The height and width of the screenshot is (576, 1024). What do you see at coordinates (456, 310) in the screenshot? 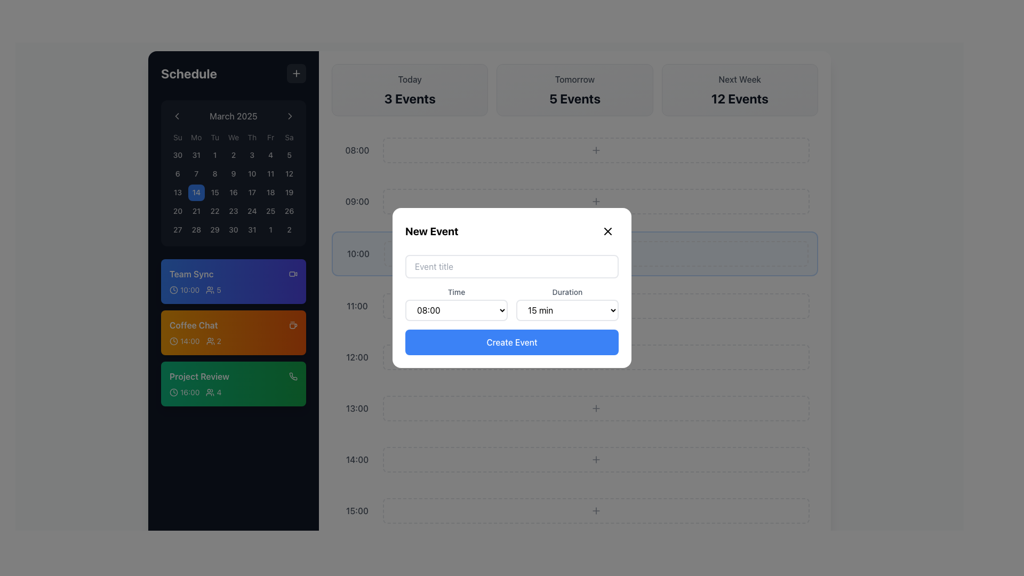
I see `the dropdown menu displaying '08:00'` at bounding box center [456, 310].